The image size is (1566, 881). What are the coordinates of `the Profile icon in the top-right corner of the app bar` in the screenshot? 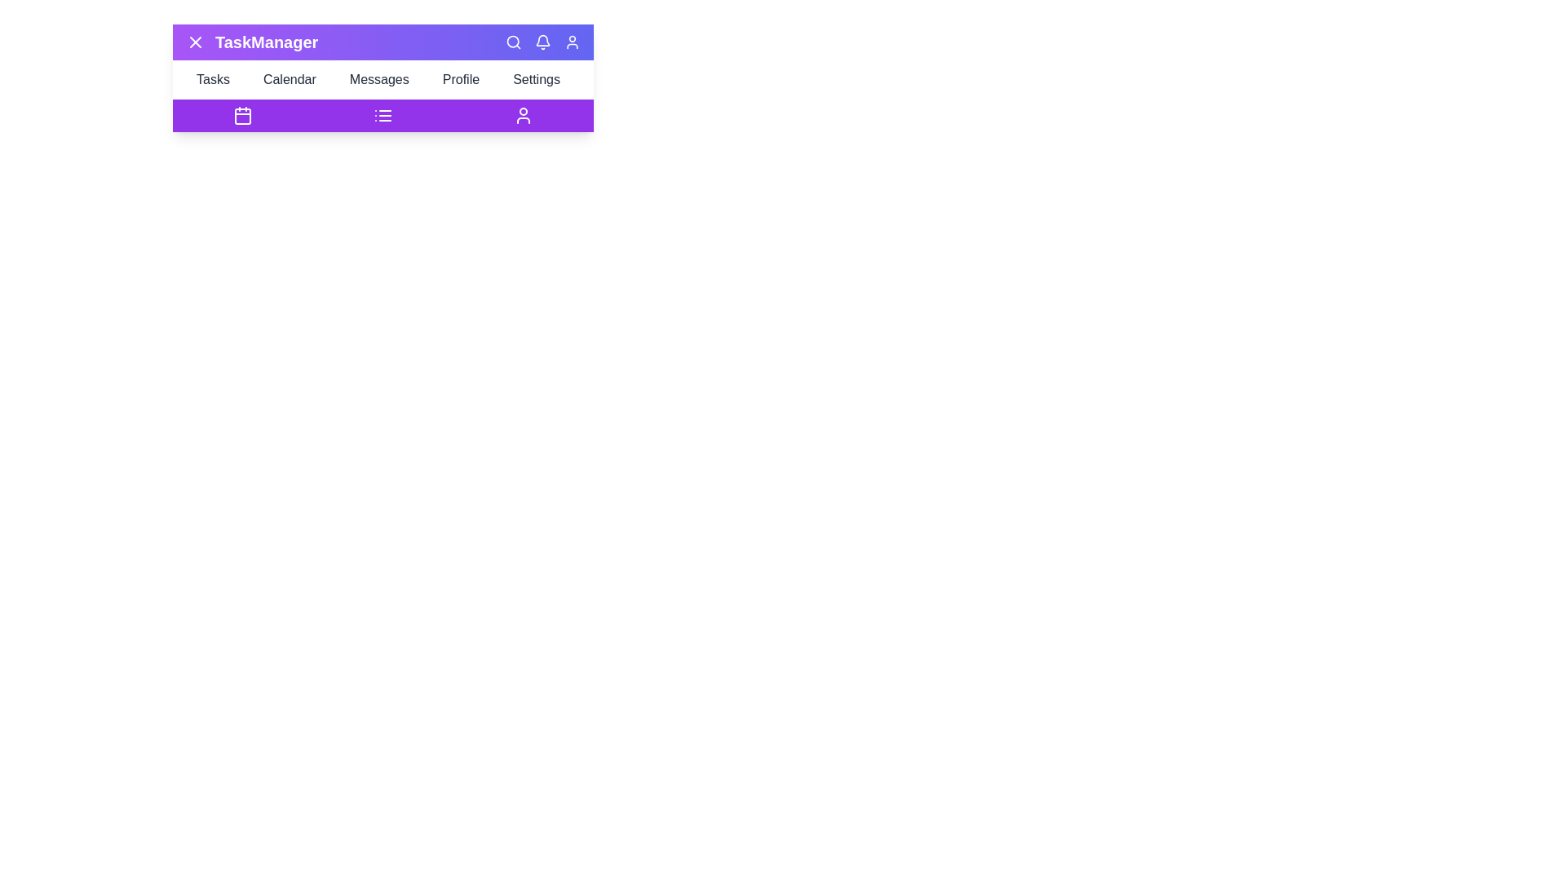 It's located at (572, 41).